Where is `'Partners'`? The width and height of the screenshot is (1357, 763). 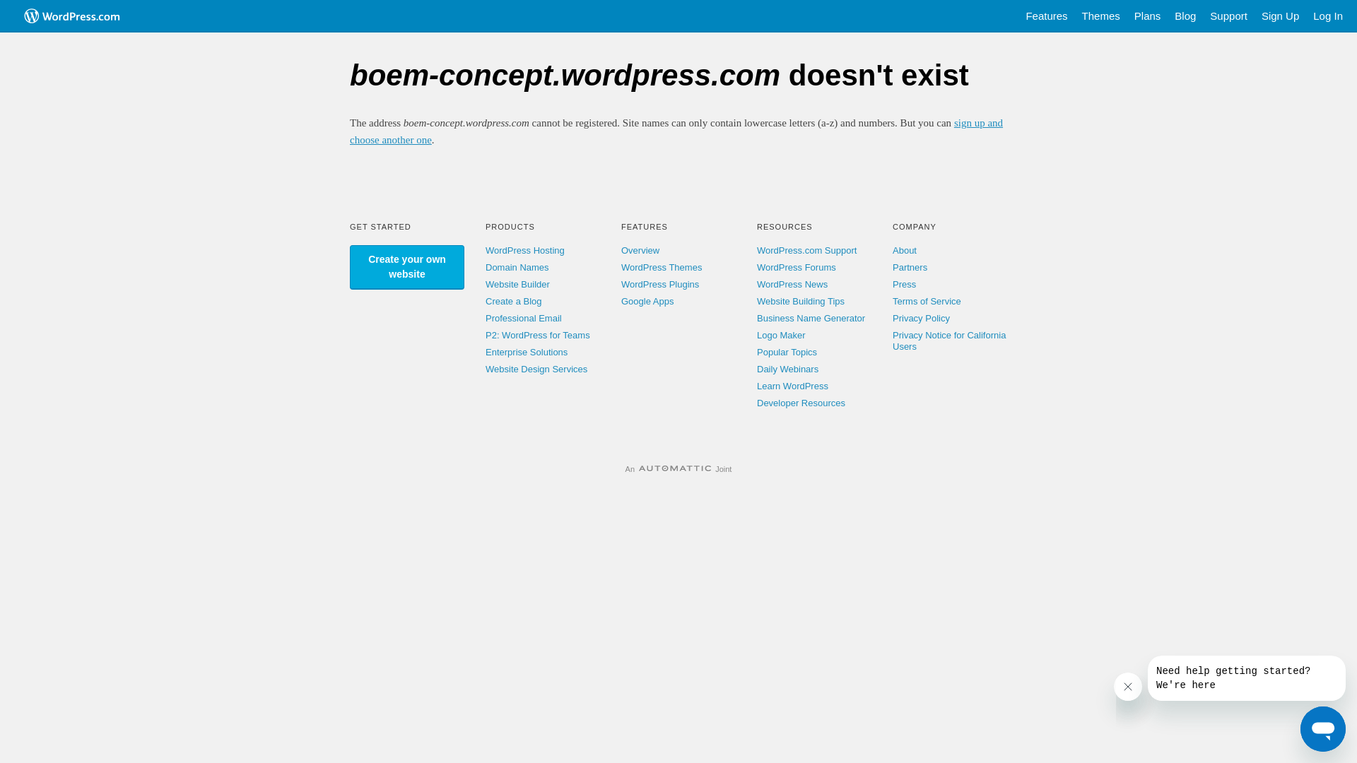
'Partners' is located at coordinates (910, 267).